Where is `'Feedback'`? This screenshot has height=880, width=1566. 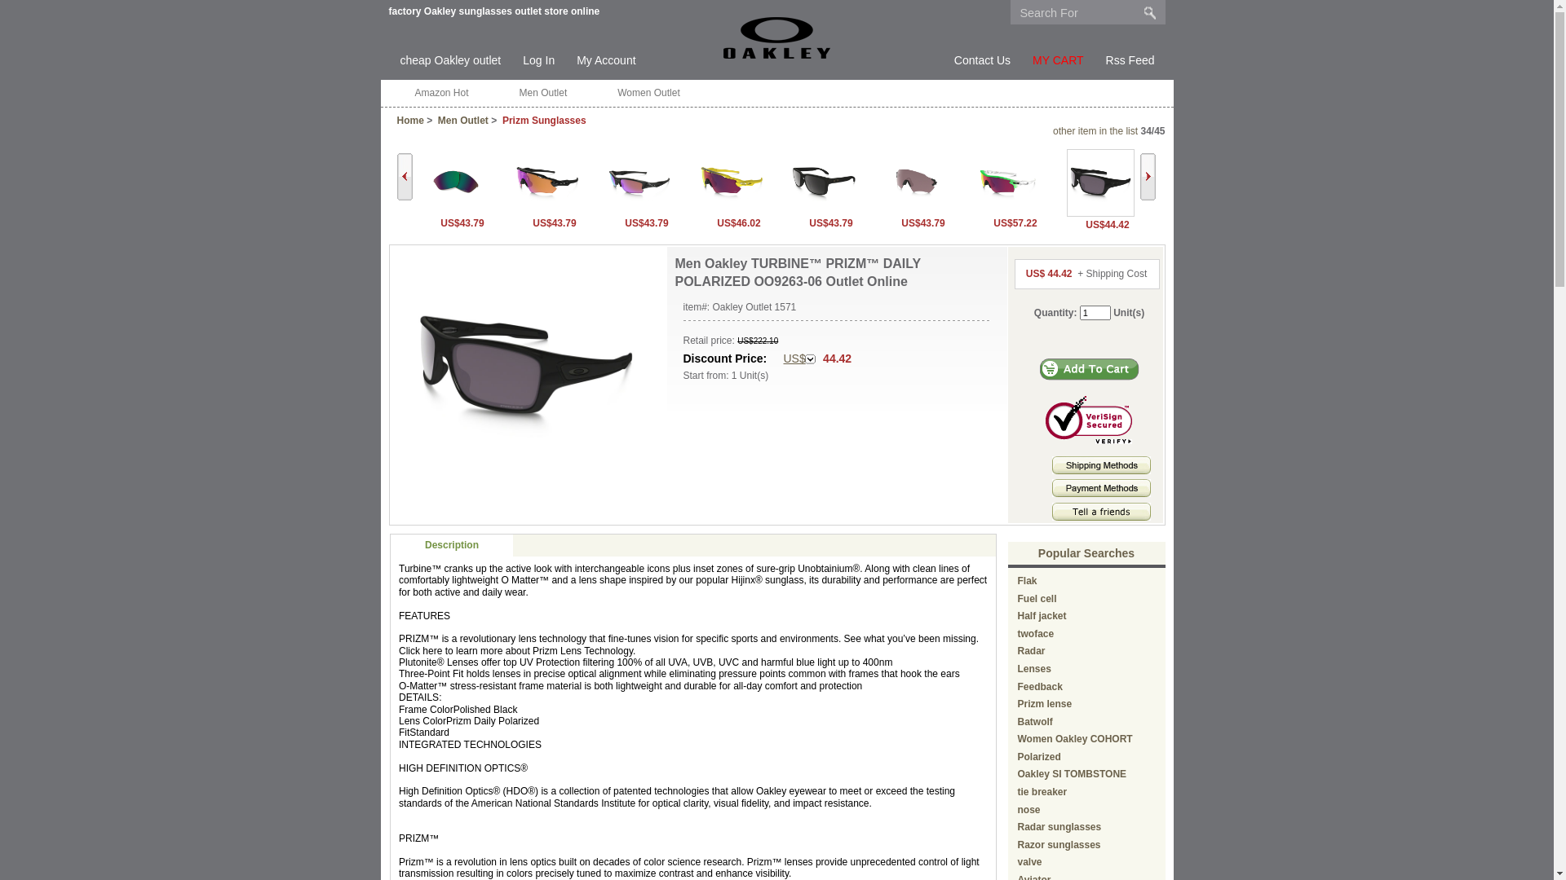 'Feedback' is located at coordinates (1039, 687).